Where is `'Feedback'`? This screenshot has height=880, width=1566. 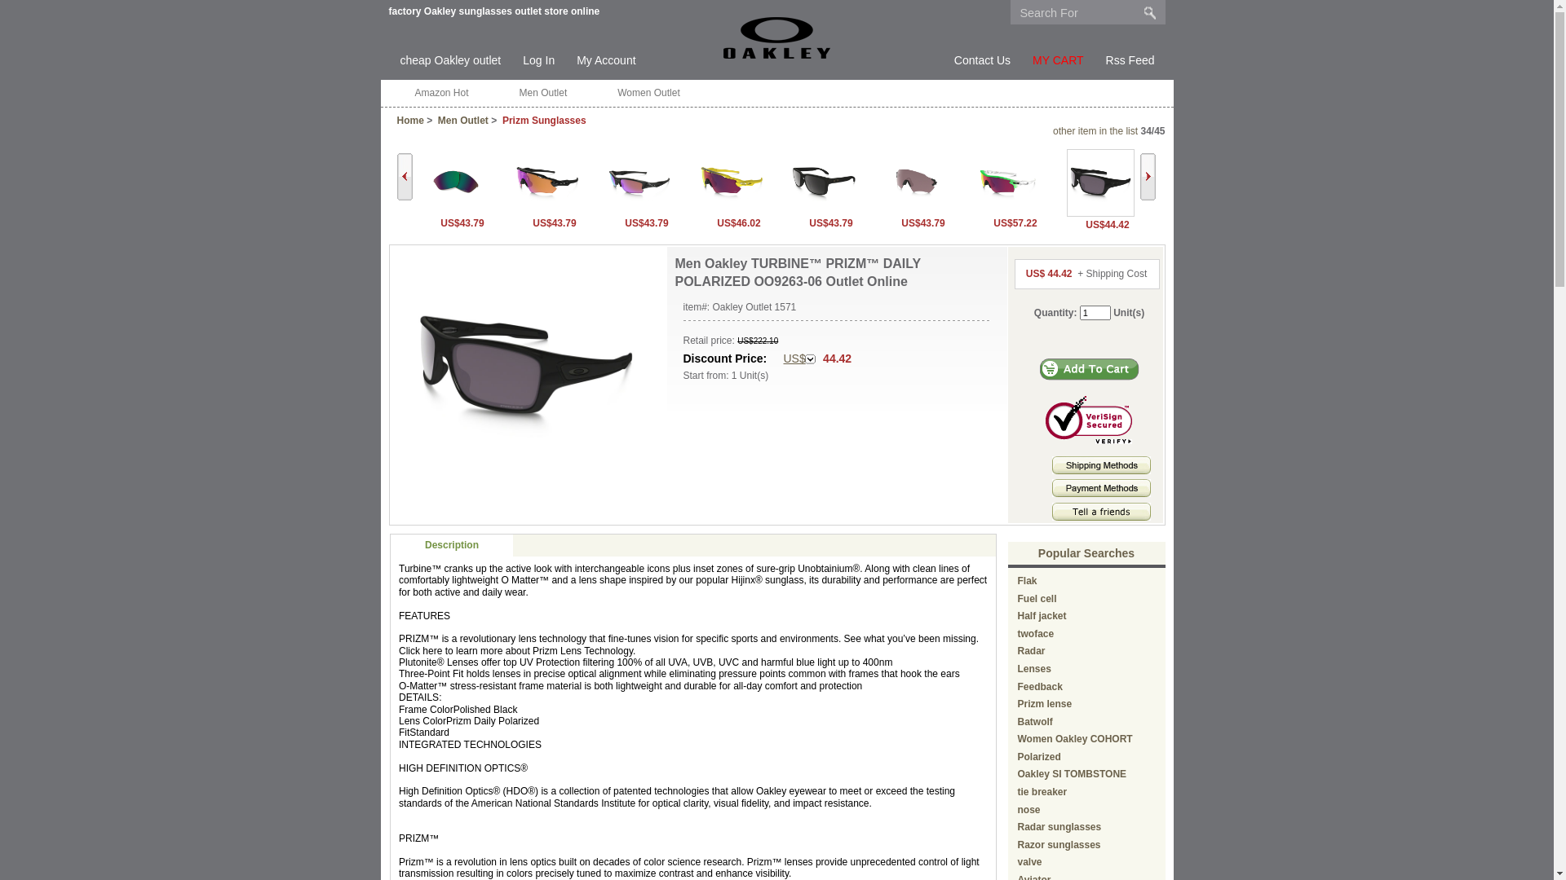 'Feedback' is located at coordinates (1039, 687).